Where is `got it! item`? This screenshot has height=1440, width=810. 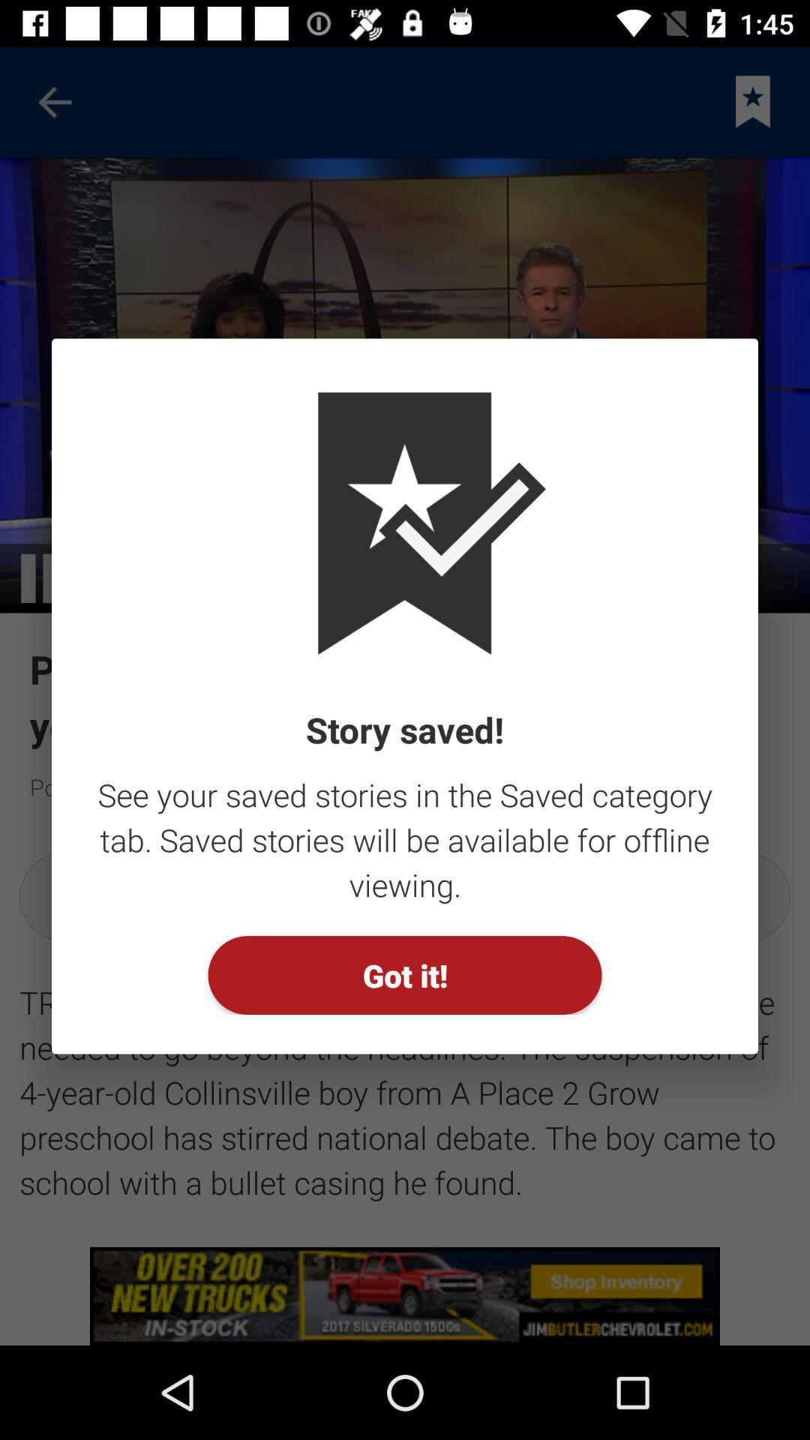 got it! item is located at coordinates (405, 975).